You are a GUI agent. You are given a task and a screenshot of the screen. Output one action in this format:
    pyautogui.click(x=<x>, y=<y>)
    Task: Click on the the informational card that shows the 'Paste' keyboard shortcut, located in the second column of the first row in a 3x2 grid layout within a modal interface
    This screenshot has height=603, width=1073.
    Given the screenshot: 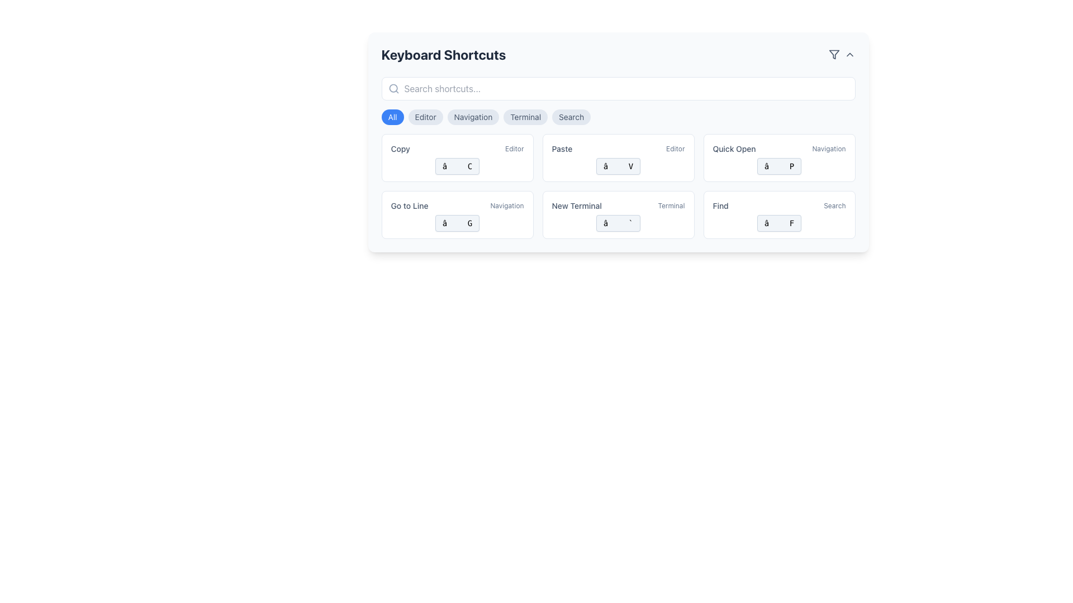 What is the action you would take?
    pyautogui.click(x=618, y=141)
    